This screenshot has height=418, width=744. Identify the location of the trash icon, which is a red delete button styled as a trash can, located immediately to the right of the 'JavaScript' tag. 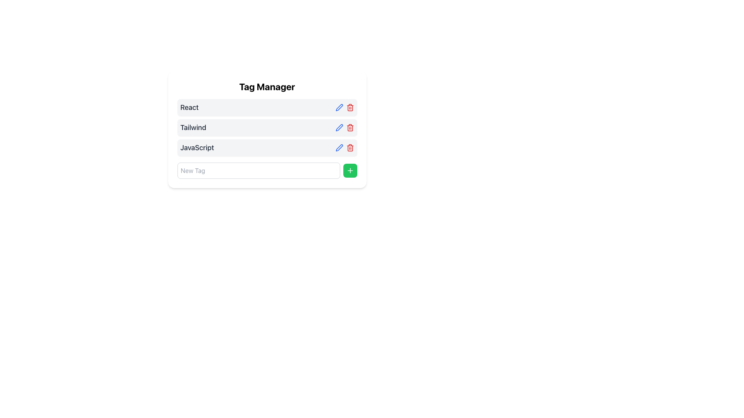
(350, 107).